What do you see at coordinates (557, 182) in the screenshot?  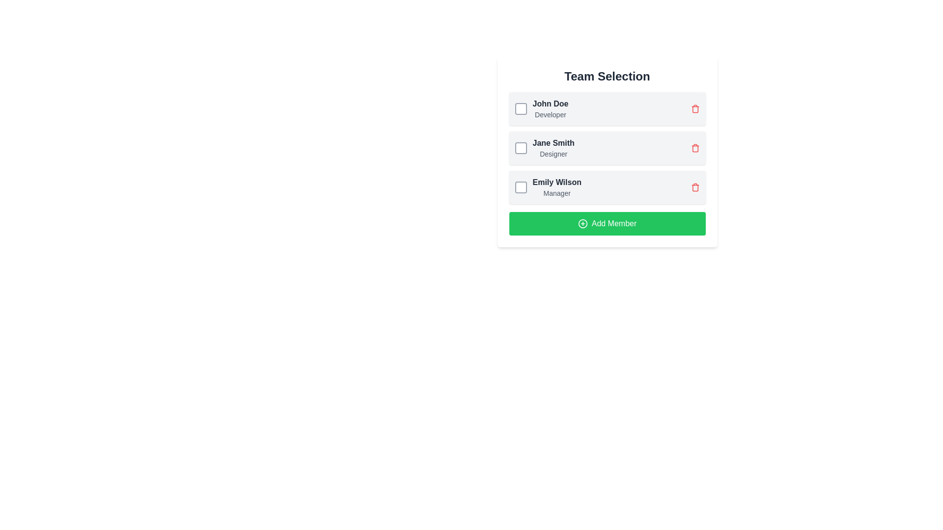 I see `the text label 'Emily Wilson', which is displayed in bold, dark-gray font and is centered within its containing group on the third row of the list-style interface` at bounding box center [557, 182].